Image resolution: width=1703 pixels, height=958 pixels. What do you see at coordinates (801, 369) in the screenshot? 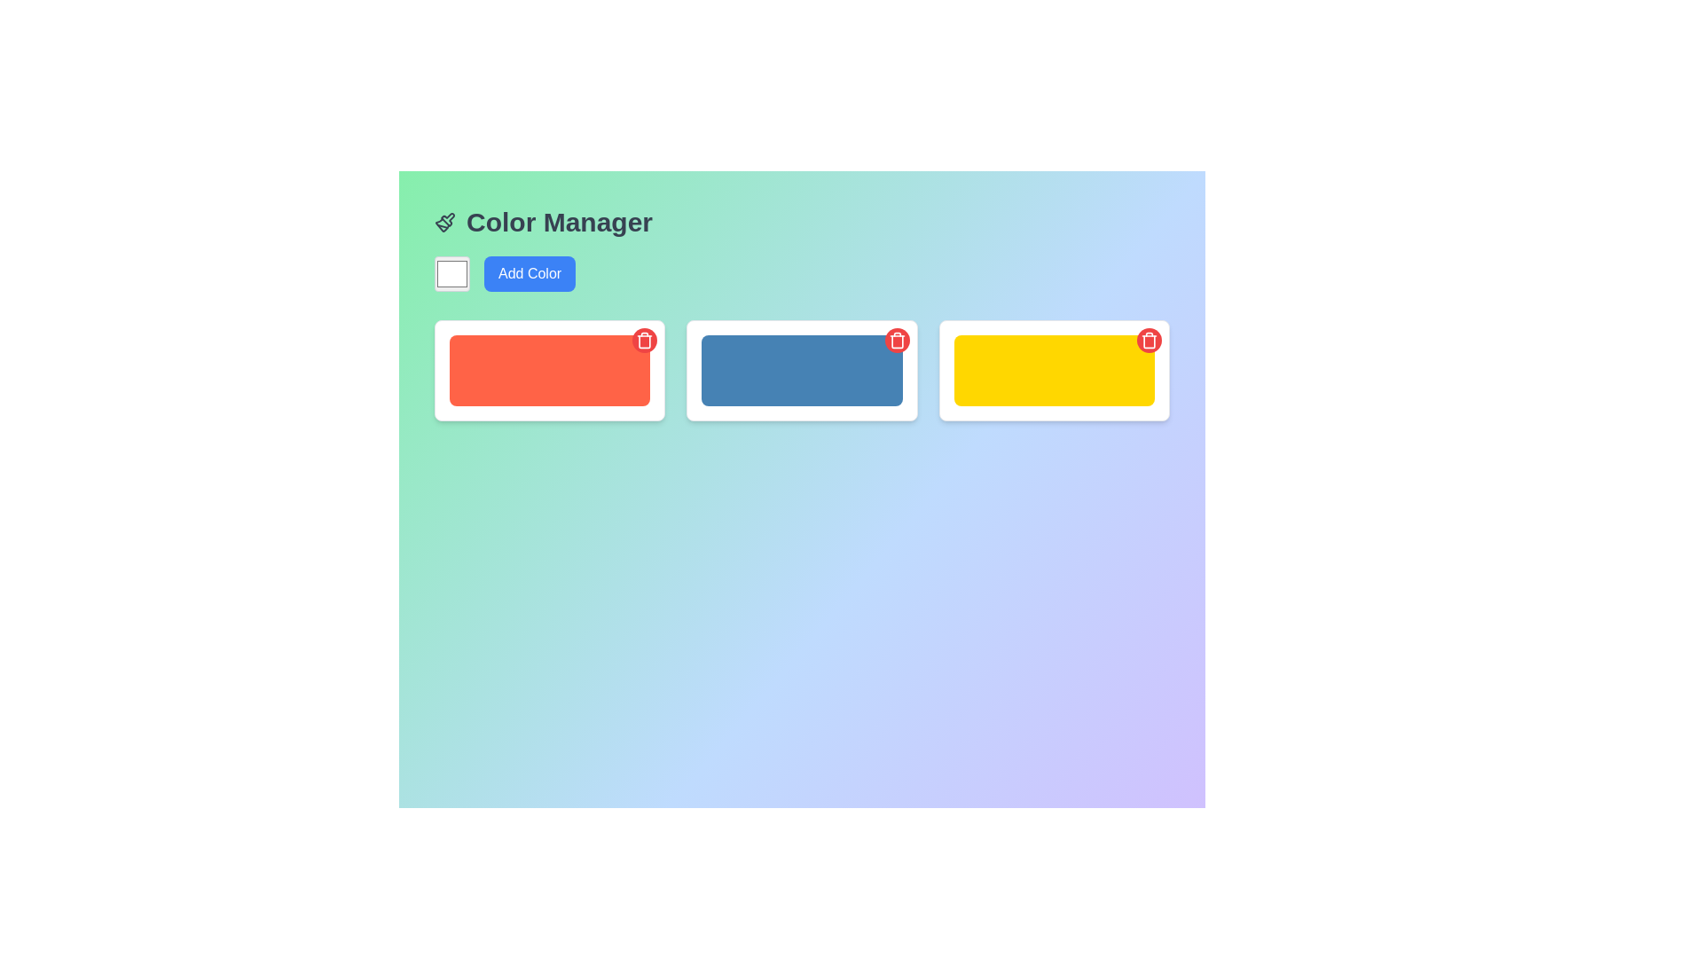
I see `the blue block, which is the second item in a row of three grid-based color blocks` at bounding box center [801, 369].